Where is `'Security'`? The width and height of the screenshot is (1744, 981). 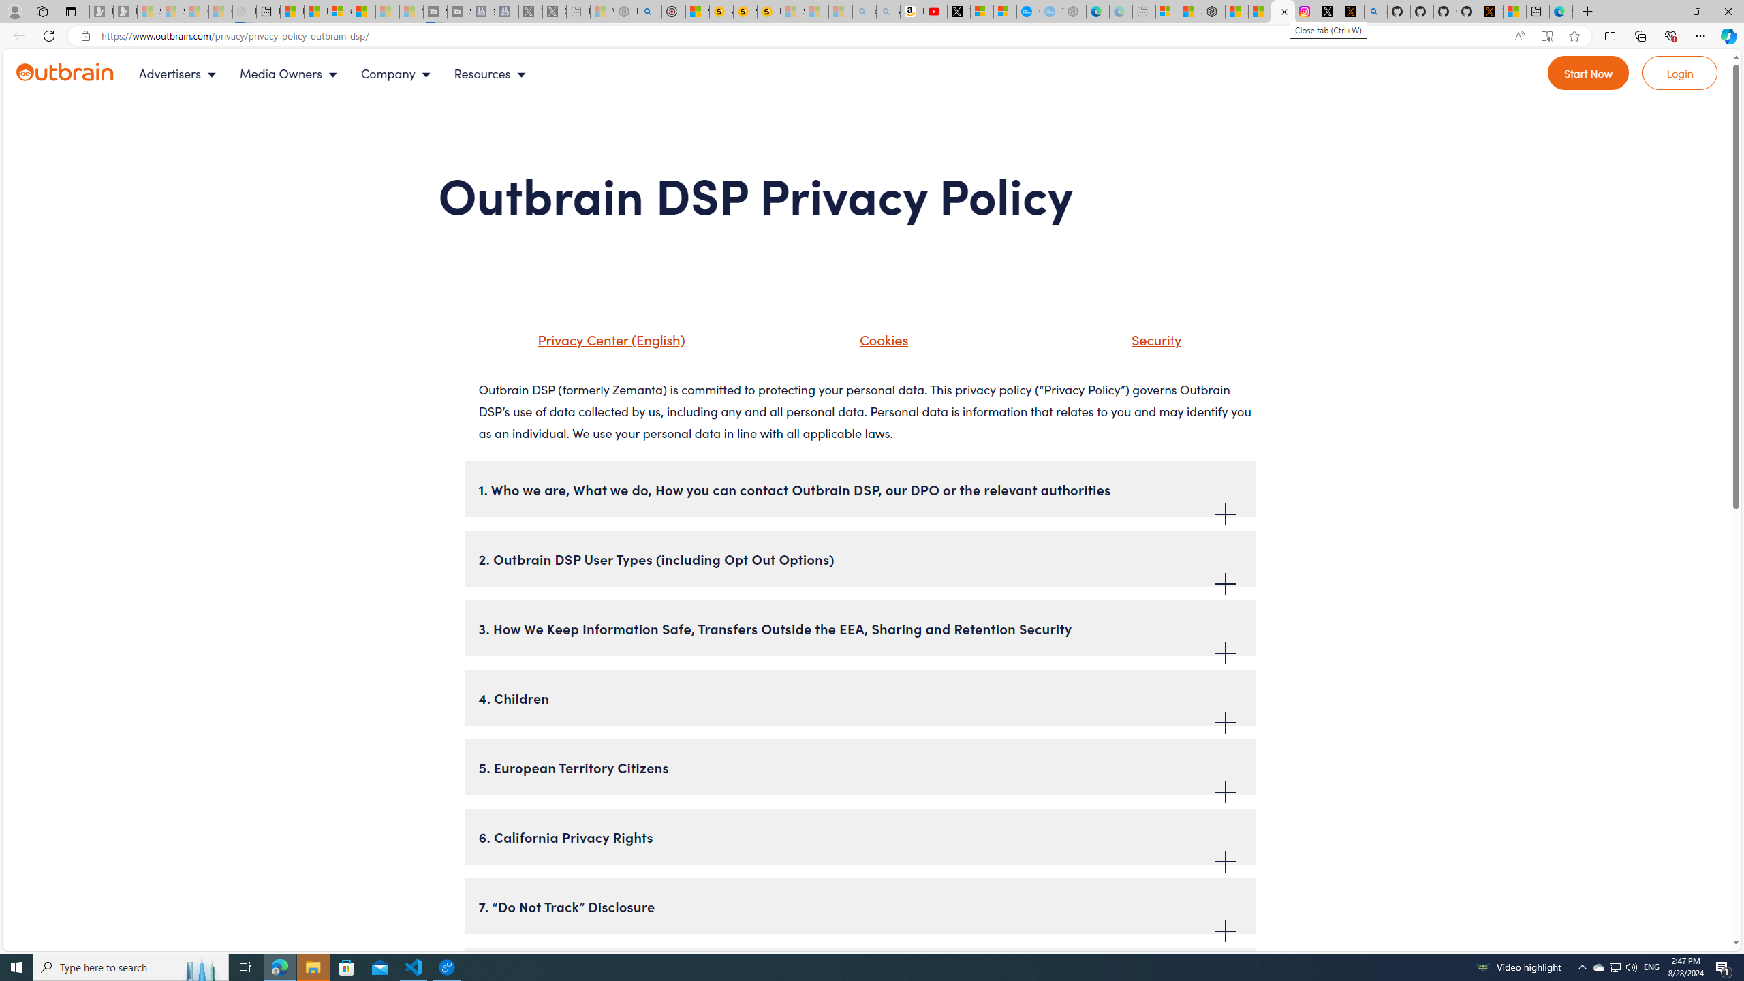
'Security' is located at coordinates (1138, 344).